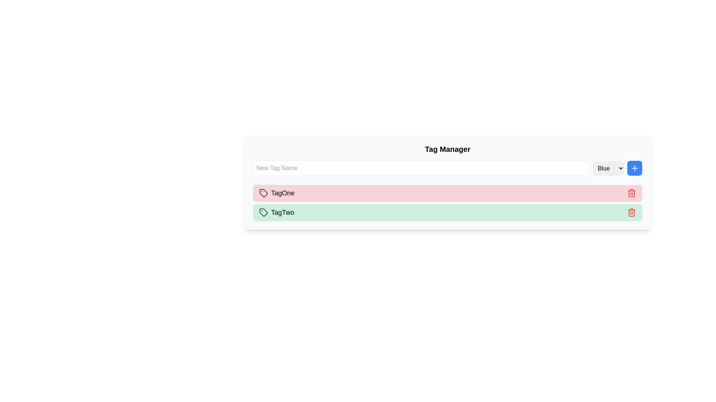 This screenshot has height=402, width=716. I want to click on the tag icon located immediately to the left of the text labeled 'TagTwo', which is part of the green tag row in the interface, so click(263, 212).